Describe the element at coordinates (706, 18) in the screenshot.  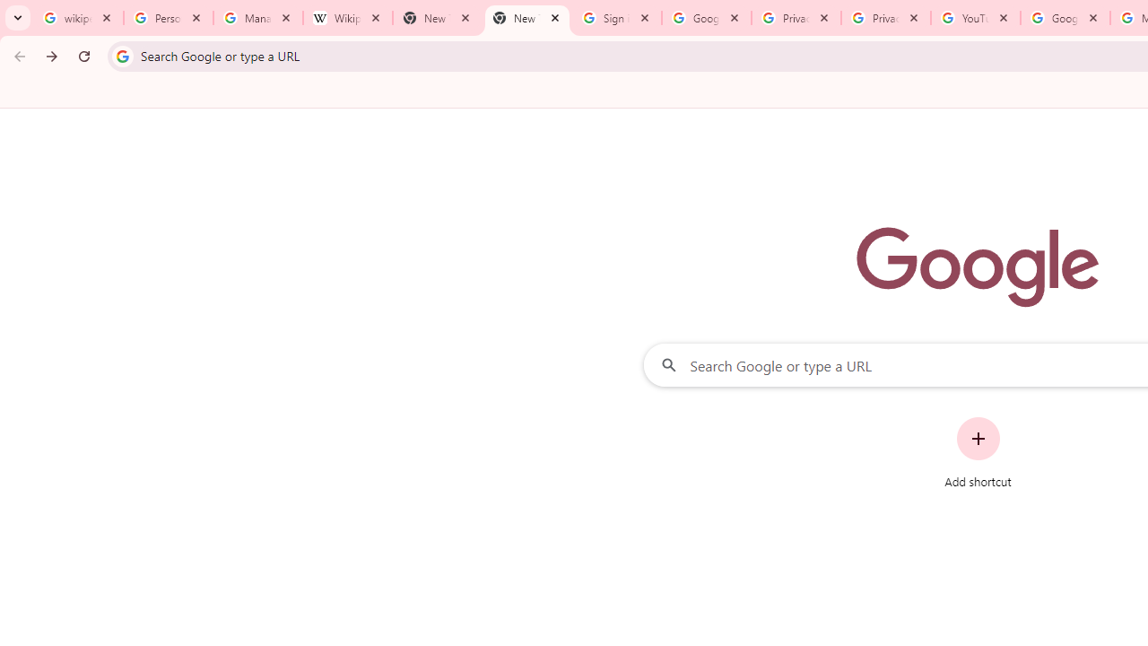
I see `'Google Drive: Sign-in'` at that location.